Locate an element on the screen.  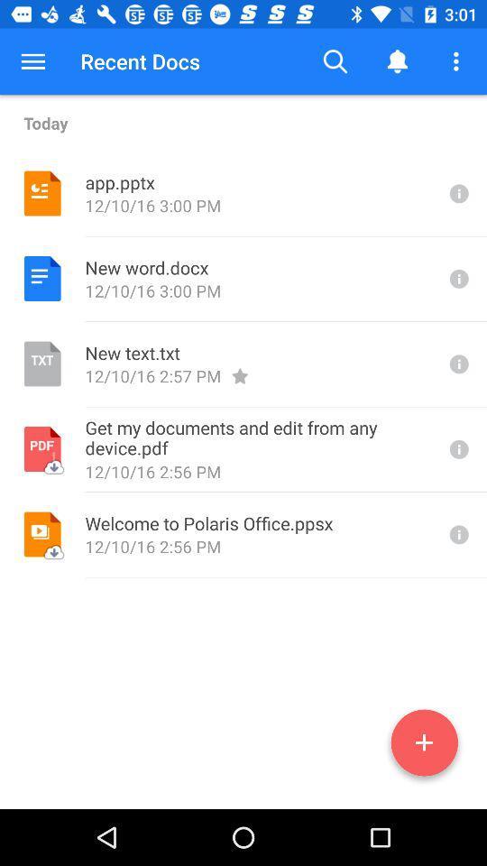
icon to the left of the recent docs button is located at coordinates (32, 61).